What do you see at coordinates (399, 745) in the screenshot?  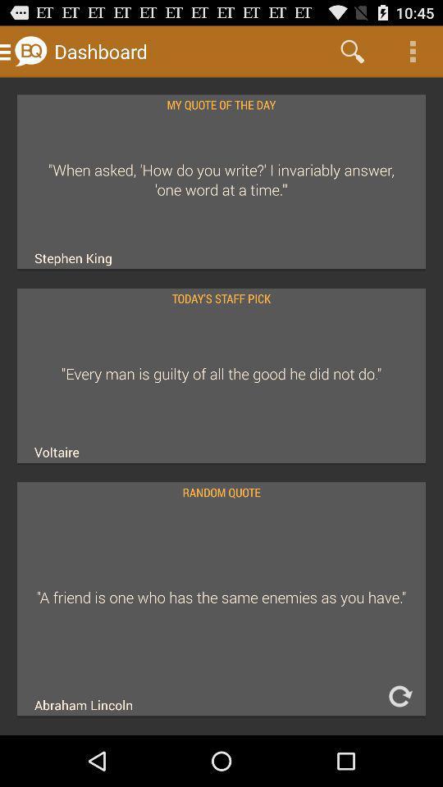 I see `the refresh icon` at bounding box center [399, 745].